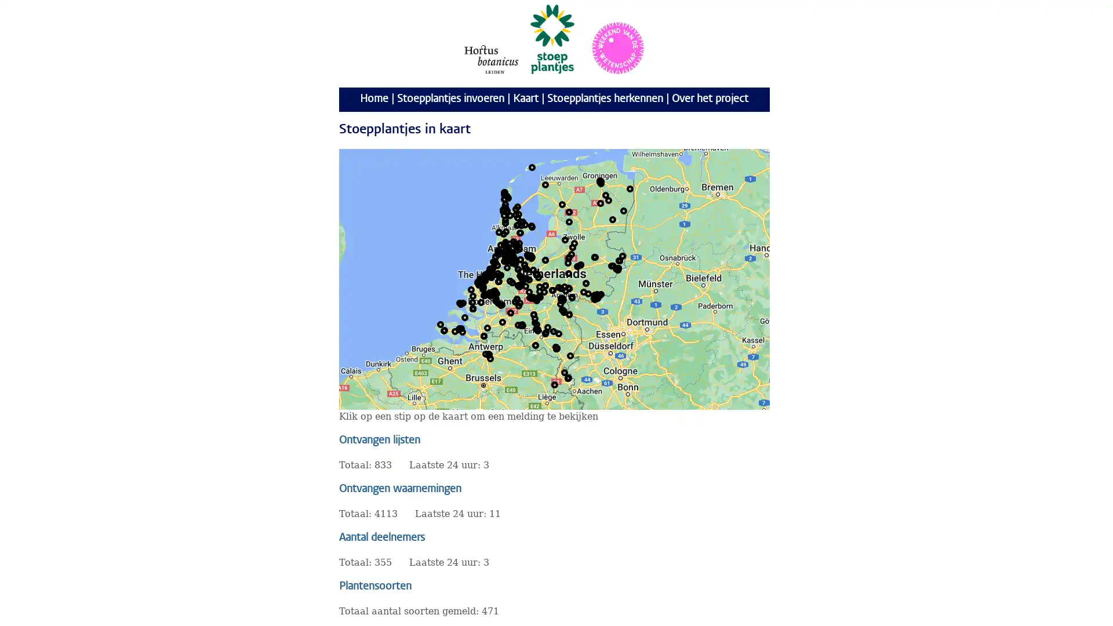 Image resolution: width=1113 pixels, height=626 pixels. What do you see at coordinates (517, 268) in the screenshot?
I see `Telling van op 02 december 2021` at bounding box center [517, 268].